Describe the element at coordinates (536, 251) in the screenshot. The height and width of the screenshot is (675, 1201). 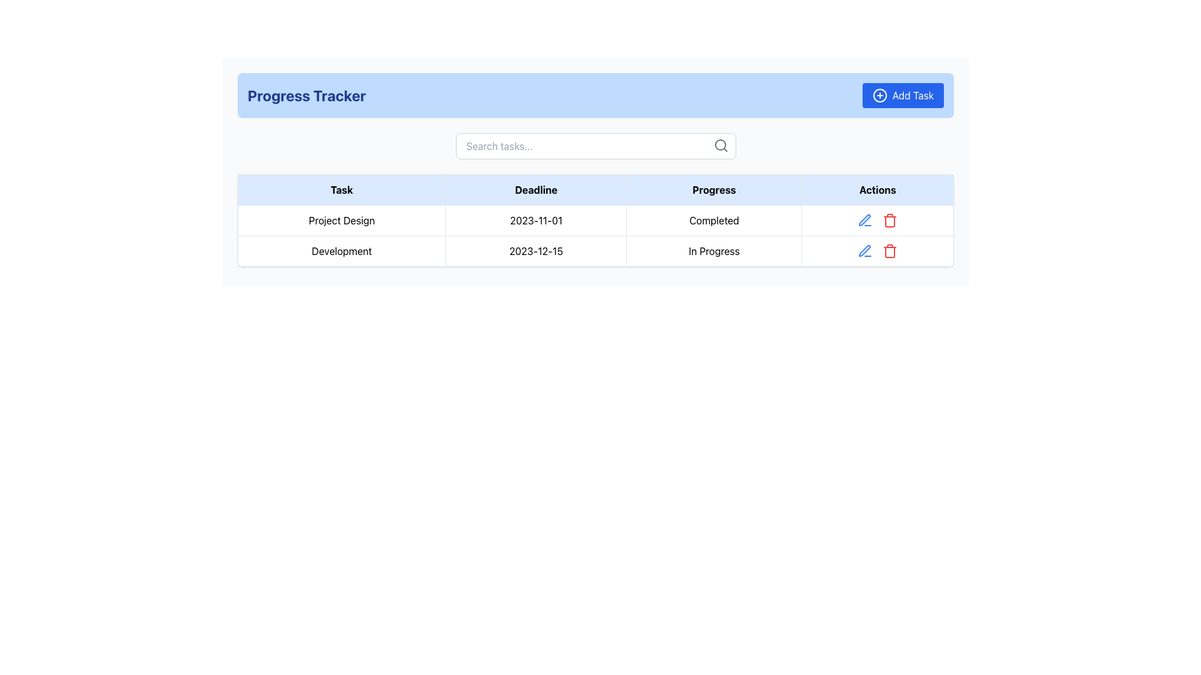
I see `displayed date information from the static text element showing '2023-12-15' in the 'Deadline' column of the 'Progress Tracker' table, located in the second row` at that location.